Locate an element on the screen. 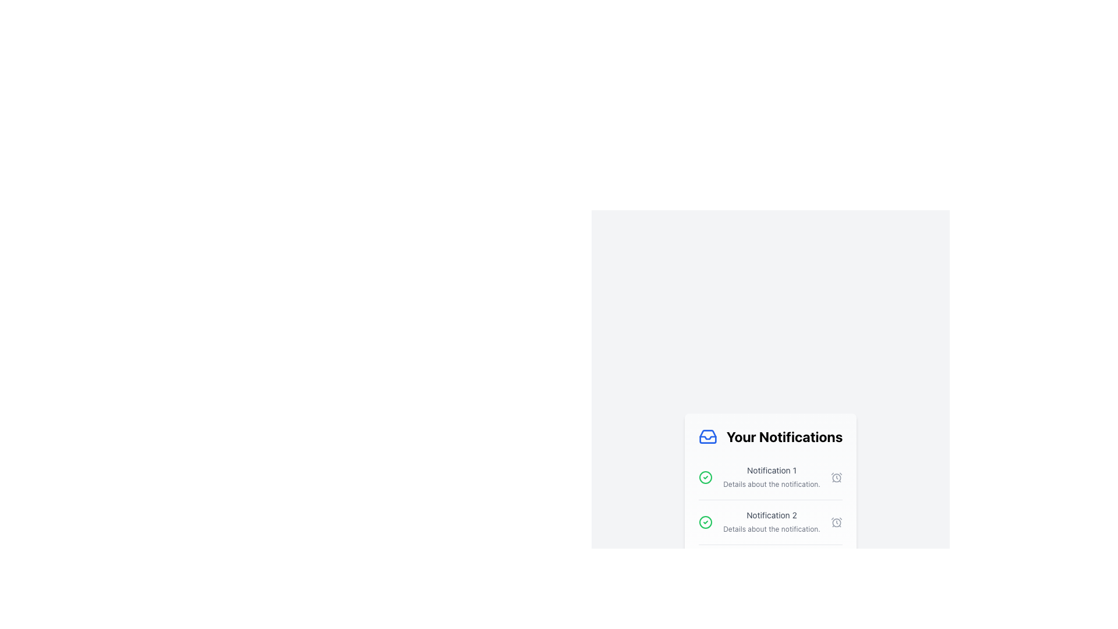  the Text Label that reads 'Details about the notification.' which is styled in a smaller font and displayed in a lighter gray color, positioned immediately below 'Notification 1' is located at coordinates (772, 484).